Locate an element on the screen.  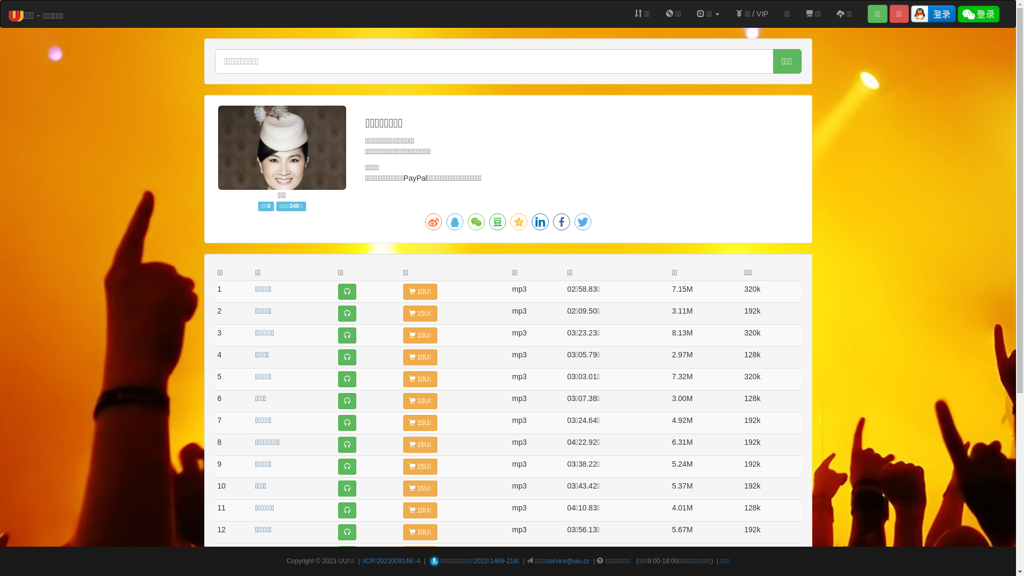
'service@uiu.cc' is located at coordinates (567, 561).